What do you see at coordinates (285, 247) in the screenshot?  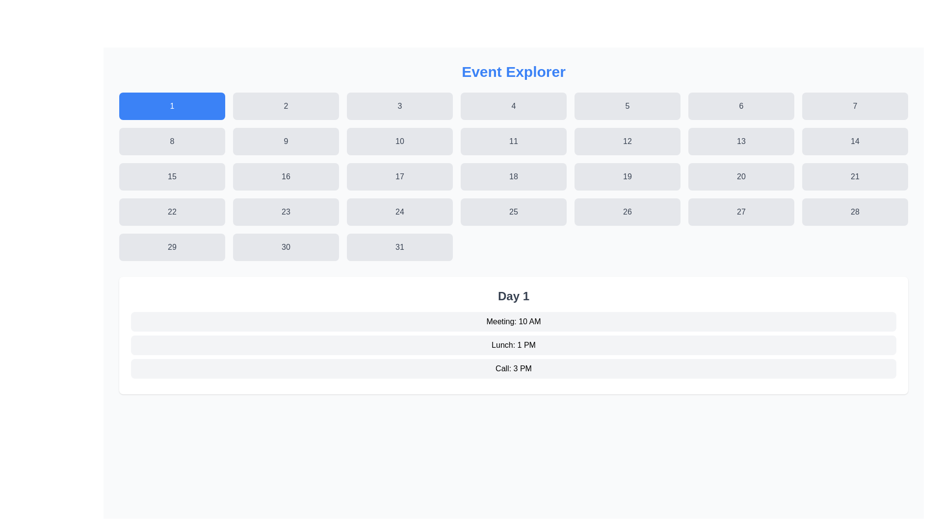 I see `the rectangular button containing the number '30' to observe its hover effect` at bounding box center [285, 247].